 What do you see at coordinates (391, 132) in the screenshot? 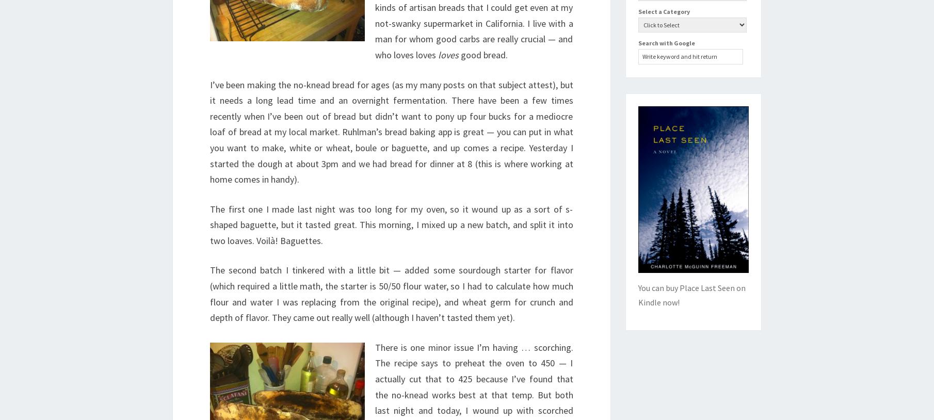
I see `'I’ve been making the no-knead bread for ages (as my many posts on that subject attest), but it needs a long lead time and an overnight fermentation. There have been a few times recently when I’ve been out of bread but didn’t want to pony up four bucks for a mediocre loaf of bread at my local market. Ruhlman’s bread baking app is great — you can put in what you want to make, white or wheat, boule or baguette, and up comes a recipe. Yesterday I started the dough at about 3pm and we had bread for dinner at 8 (this is where working at home comes in handy).'` at bounding box center [391, 132].